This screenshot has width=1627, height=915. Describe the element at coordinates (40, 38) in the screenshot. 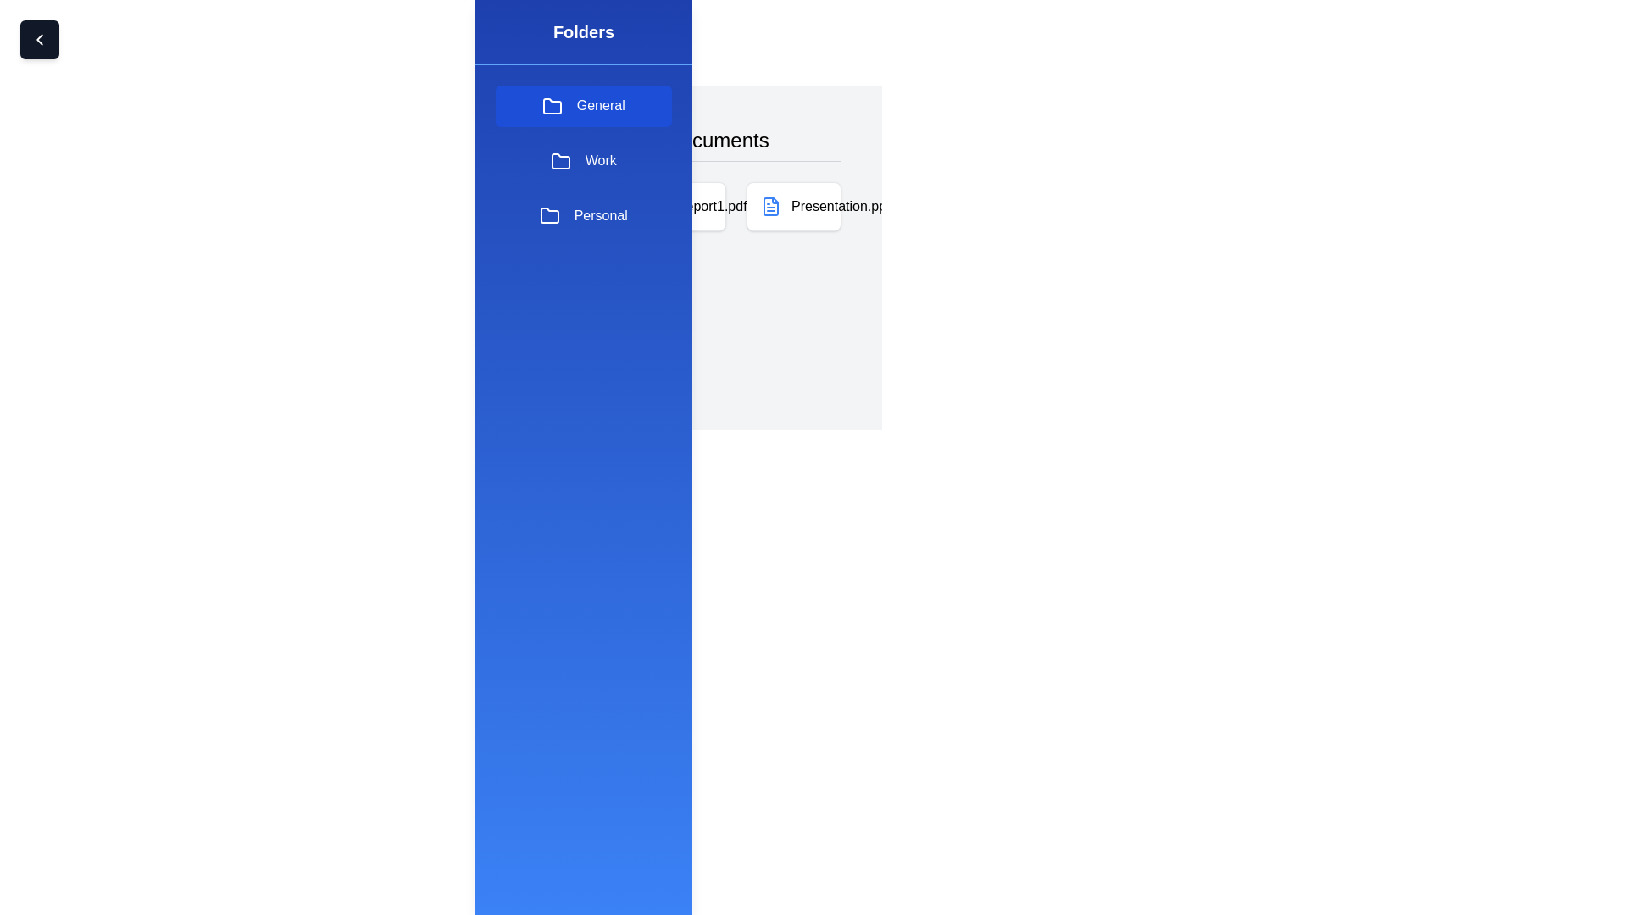

I see `the left-pointing chevron arrow icon, which serves as a back button` at that location.